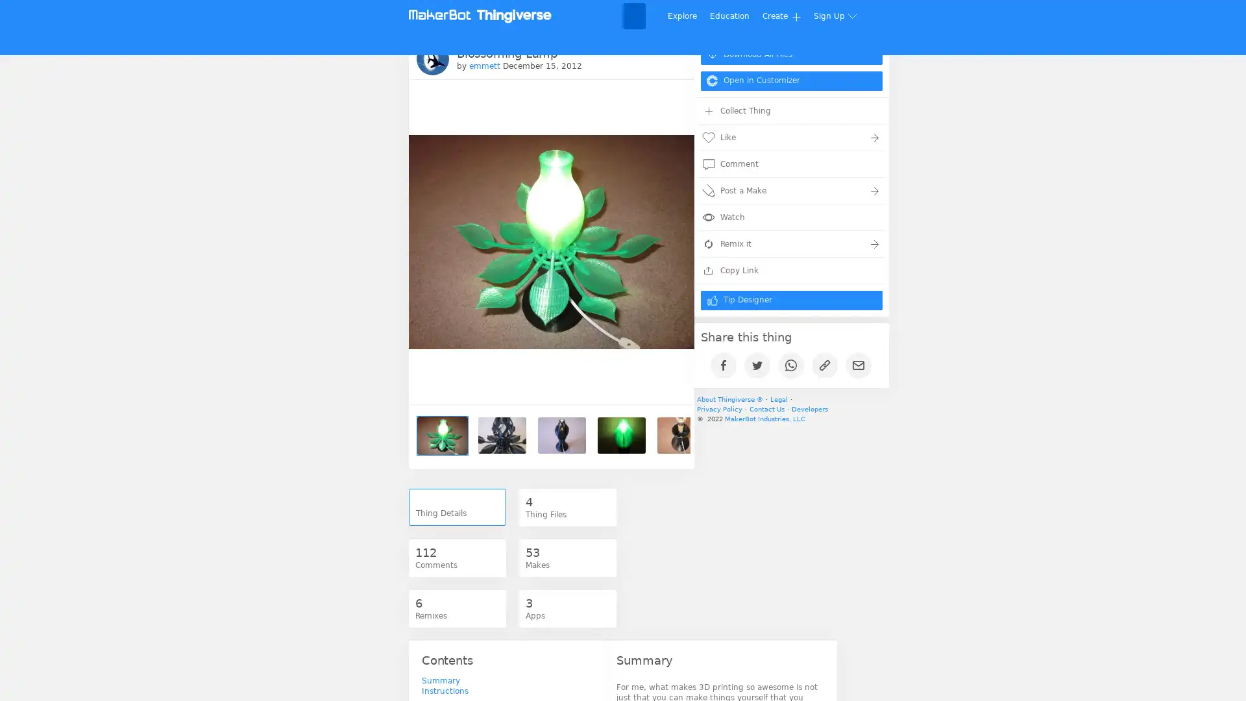 The height and width of the screenshot is (701, 1246). Describe the element at coordinates (837, 16) in the screenshot. I see `Sign Up` at that location.